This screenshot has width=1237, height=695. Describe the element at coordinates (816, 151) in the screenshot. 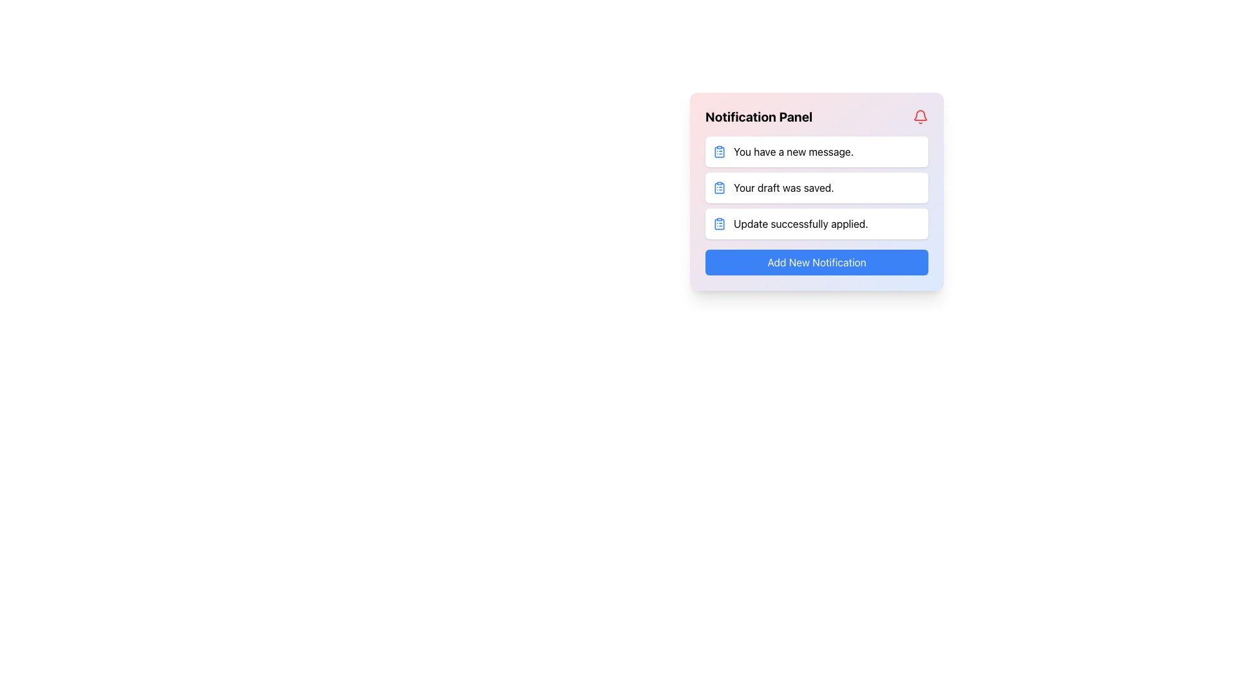

I see `notification text from the Notification Card displaying 'You have a new message.' located at the top of the Notification Panel` at that location.